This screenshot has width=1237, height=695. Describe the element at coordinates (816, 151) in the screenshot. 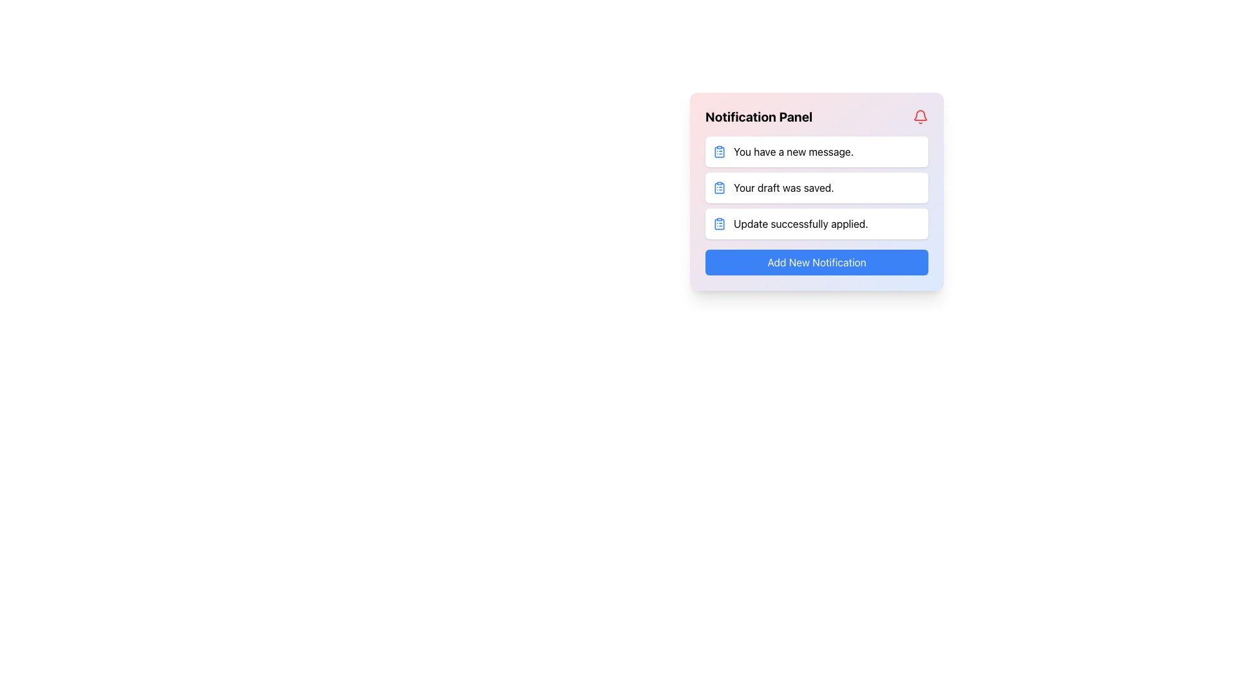

I see `notification text from the Notification Card displaying 'You have a new message.' located at the top of the Notification Panel` at that location.